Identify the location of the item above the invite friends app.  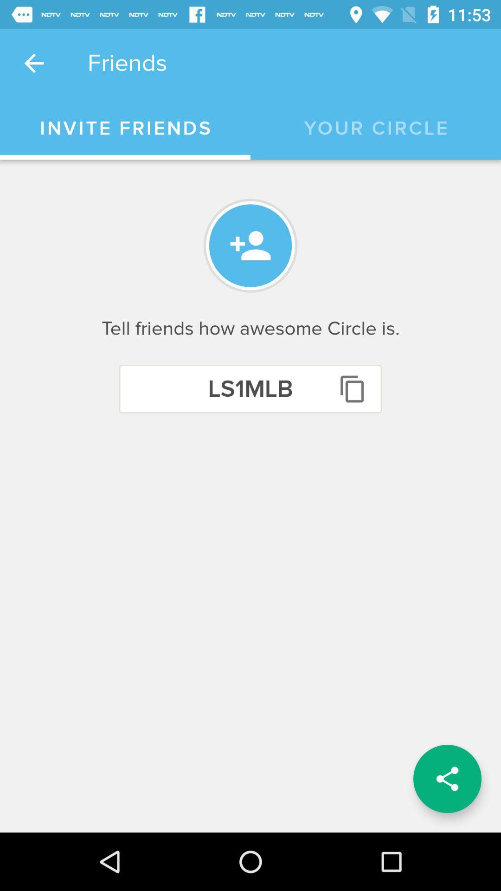
(33, 63).